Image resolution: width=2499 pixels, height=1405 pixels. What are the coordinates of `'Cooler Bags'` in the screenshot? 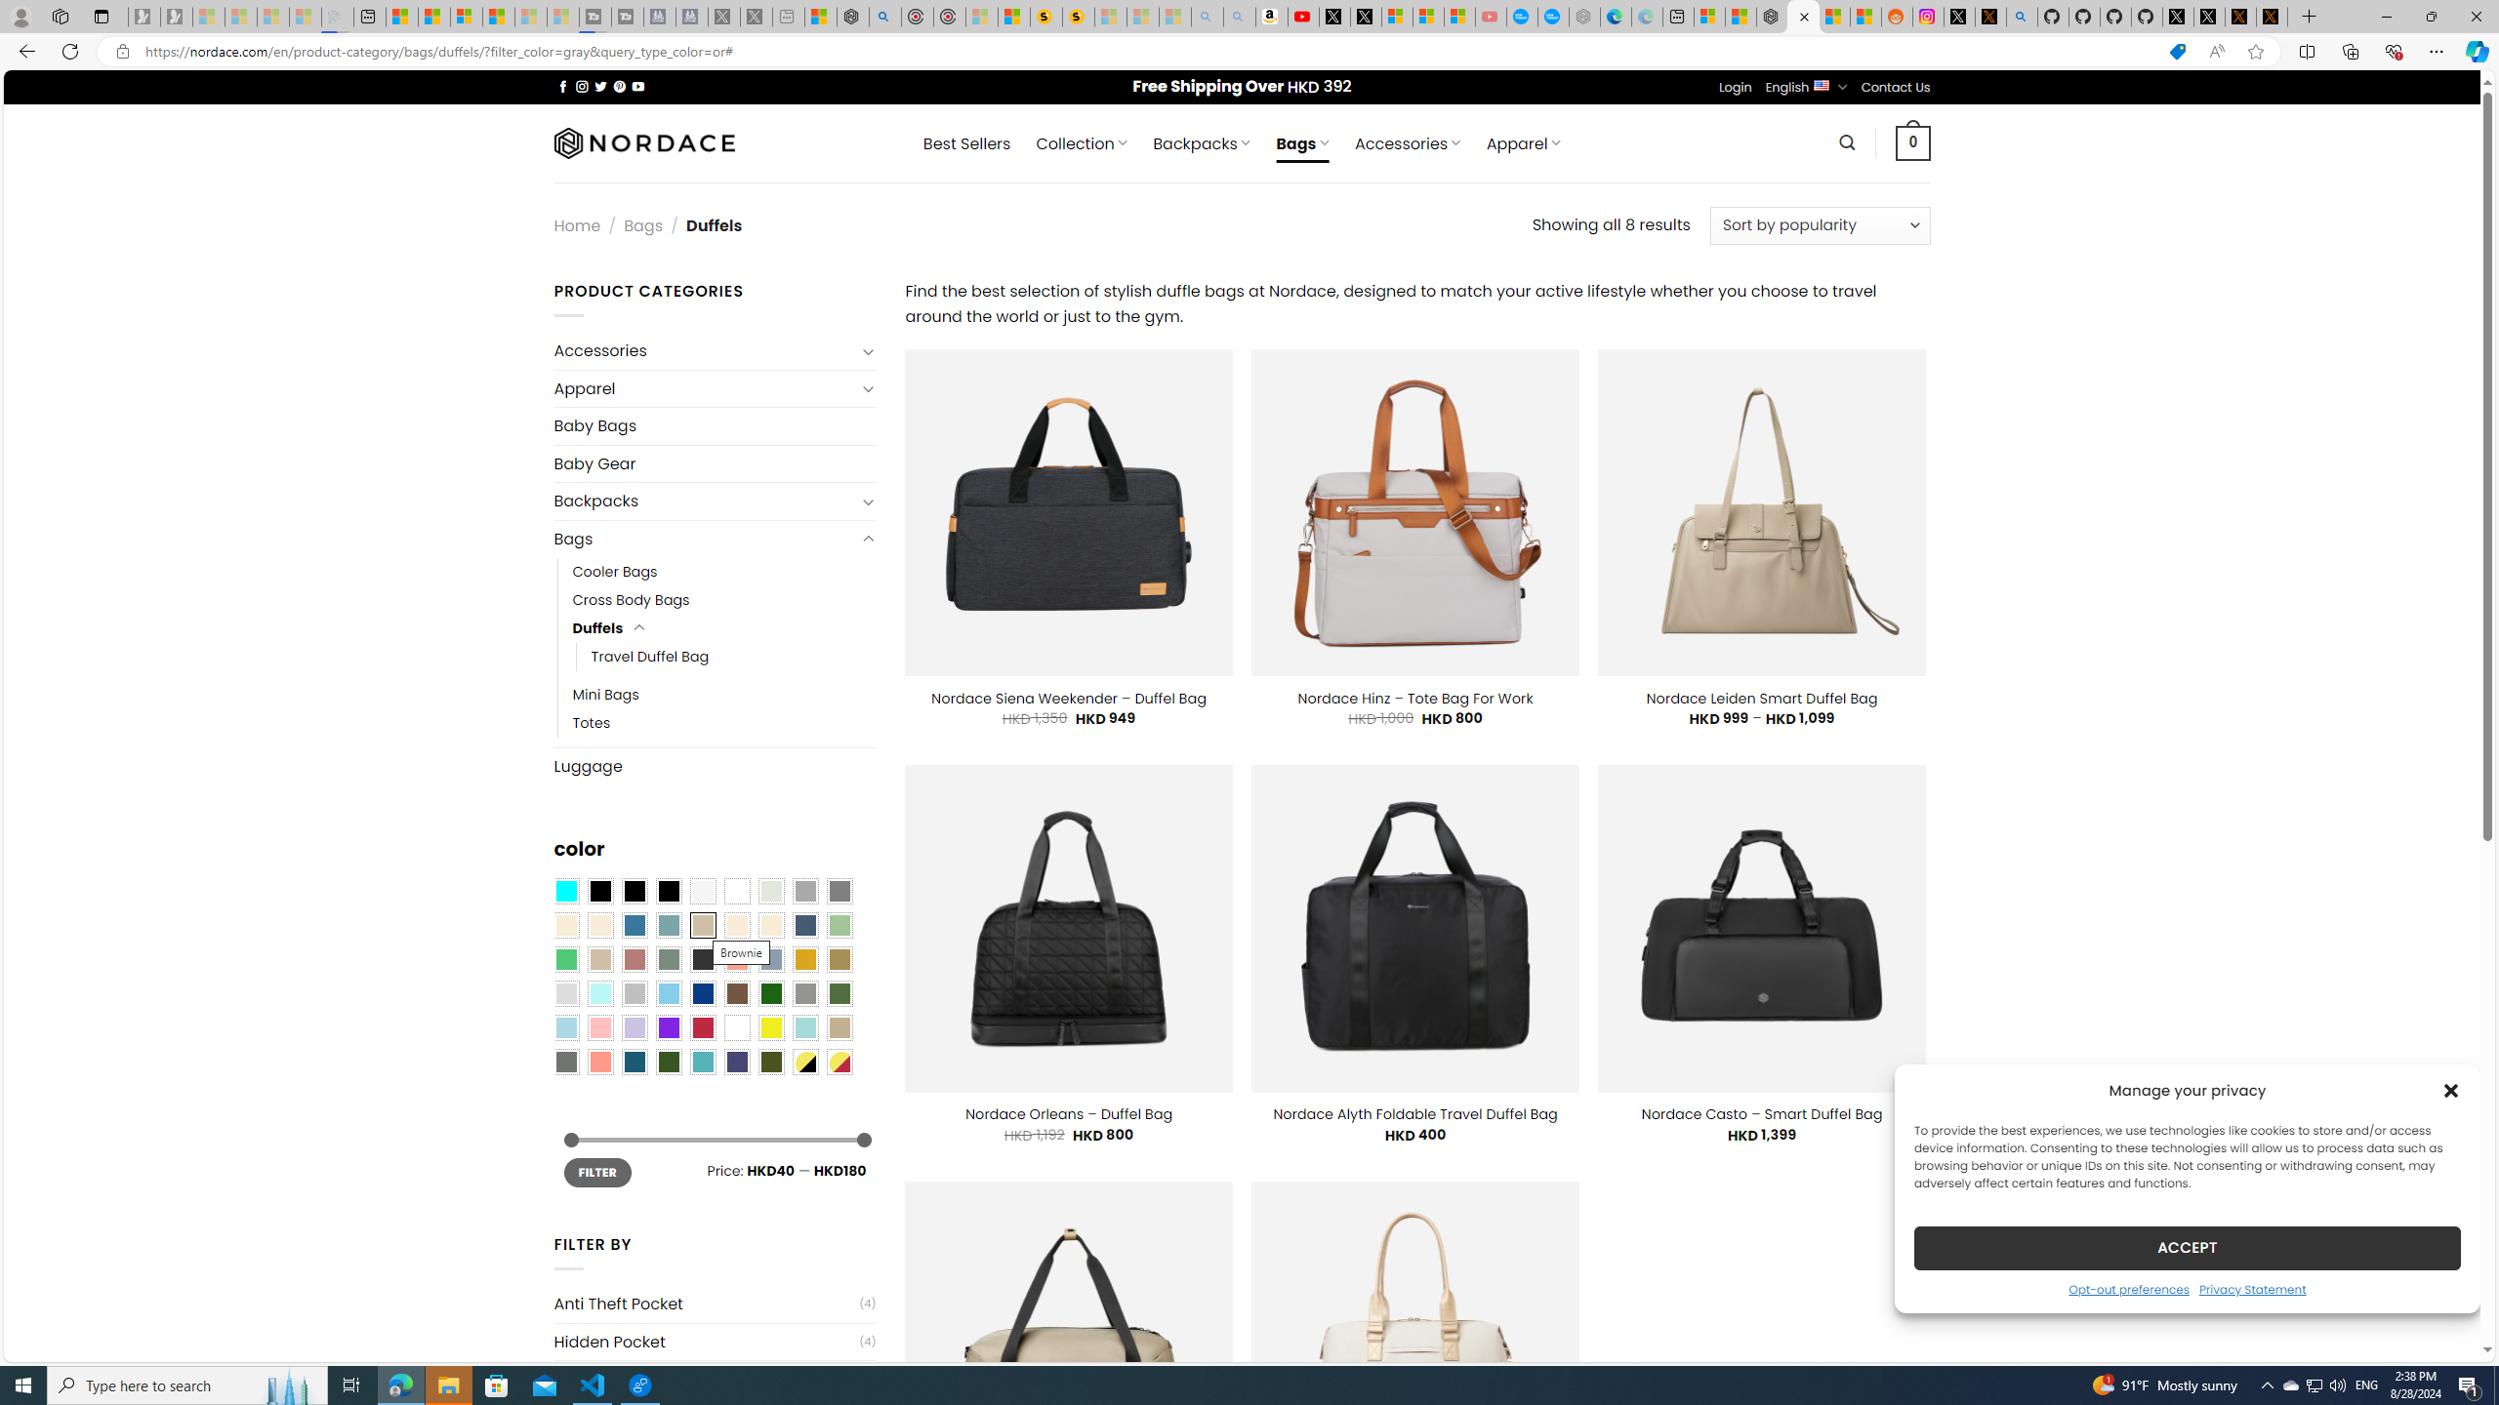 It's located at (723, 571).